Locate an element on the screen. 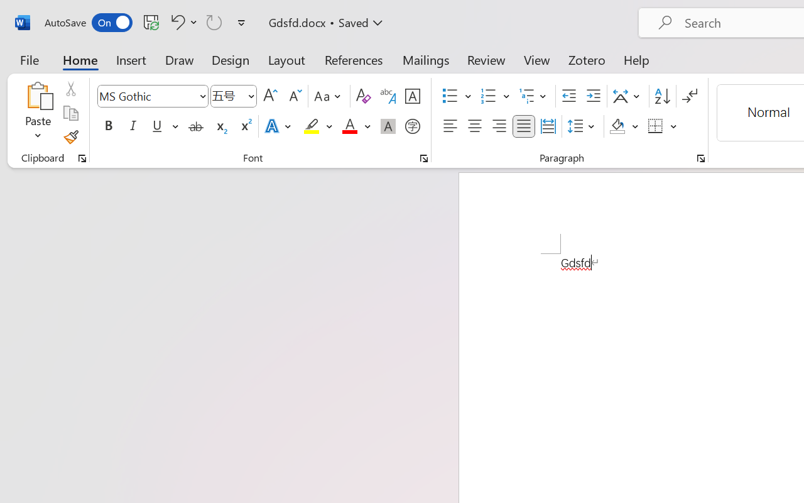 The height and width of the screenshot is (503, 804). 'Shading' is located at coordinates (624, 126).